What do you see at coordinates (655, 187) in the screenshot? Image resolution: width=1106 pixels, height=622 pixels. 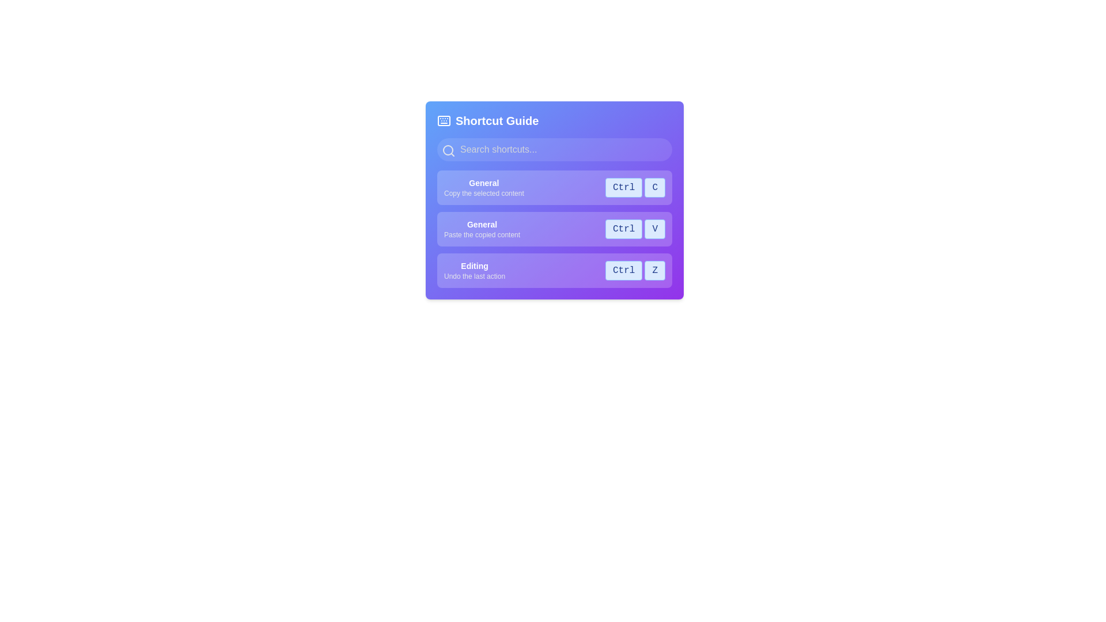 I see `the 'C' key label-like button representing the 'Ctrl+C' keyboard shortcut, located immediately to the right of the 'Ctrl' button in the keyboard shortcut list` at bounding box center [655, 187].